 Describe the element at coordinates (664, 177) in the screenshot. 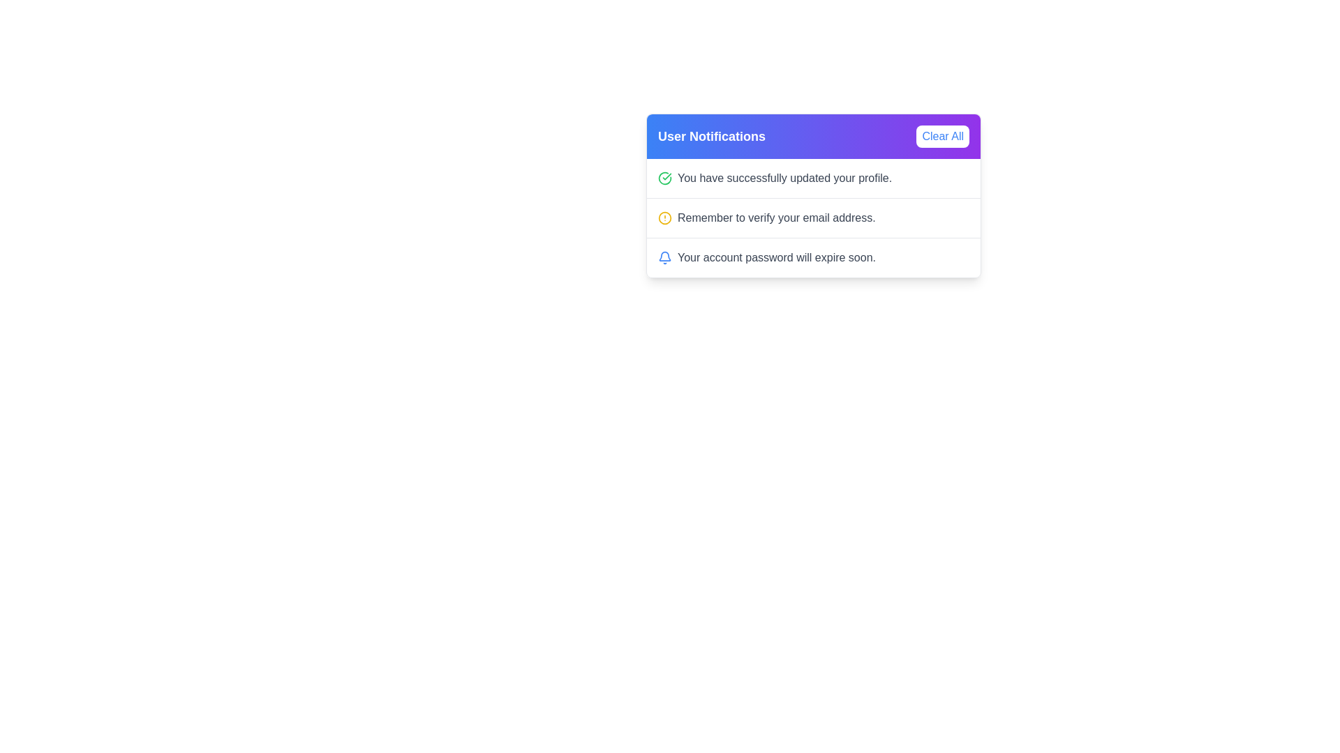

I see `the success icon indicating the completion of the profile update, located to the left of the notification text 'You have successfully updated your profile'` at that location.